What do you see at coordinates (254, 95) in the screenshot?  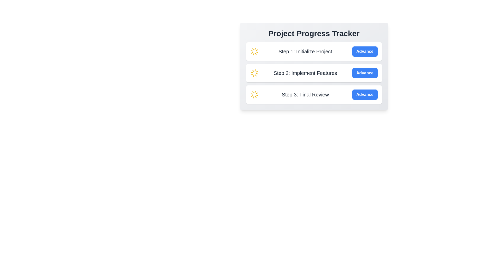 I see `the Loader icon located in the 'Step 3: Final Review' section` at bounding box center [254, 95].